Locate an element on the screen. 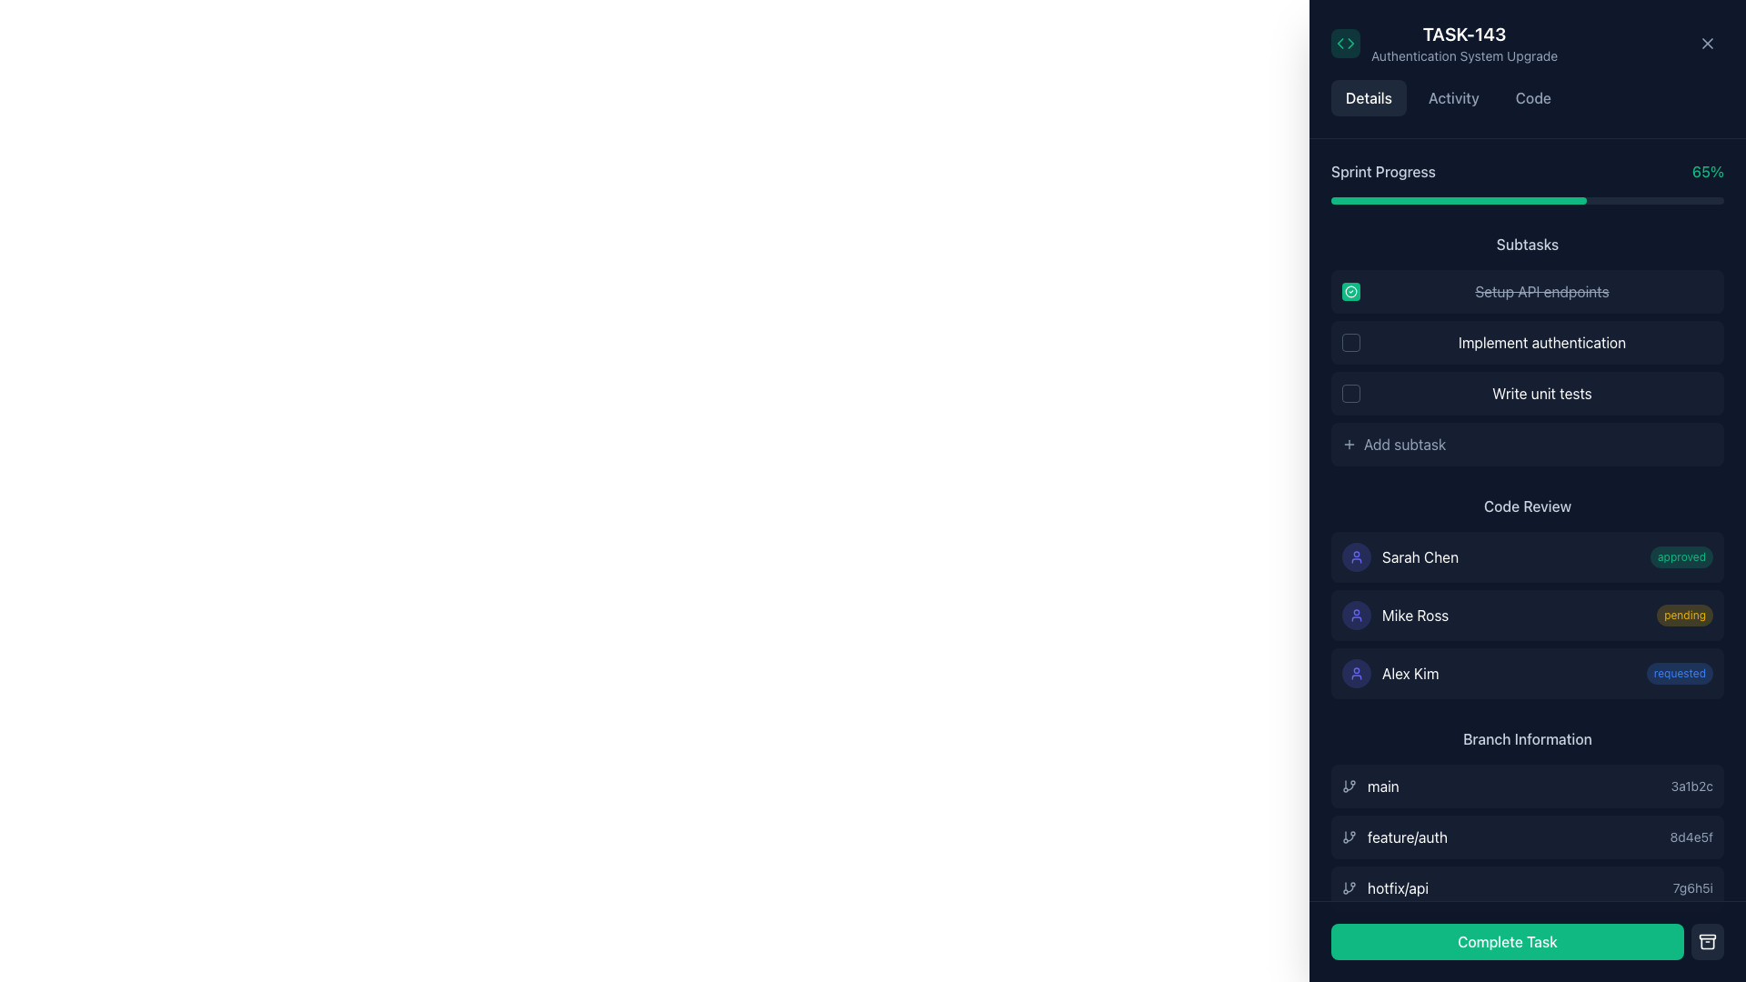  the 'main' branch icon located is located at coordinates (1349, 785).